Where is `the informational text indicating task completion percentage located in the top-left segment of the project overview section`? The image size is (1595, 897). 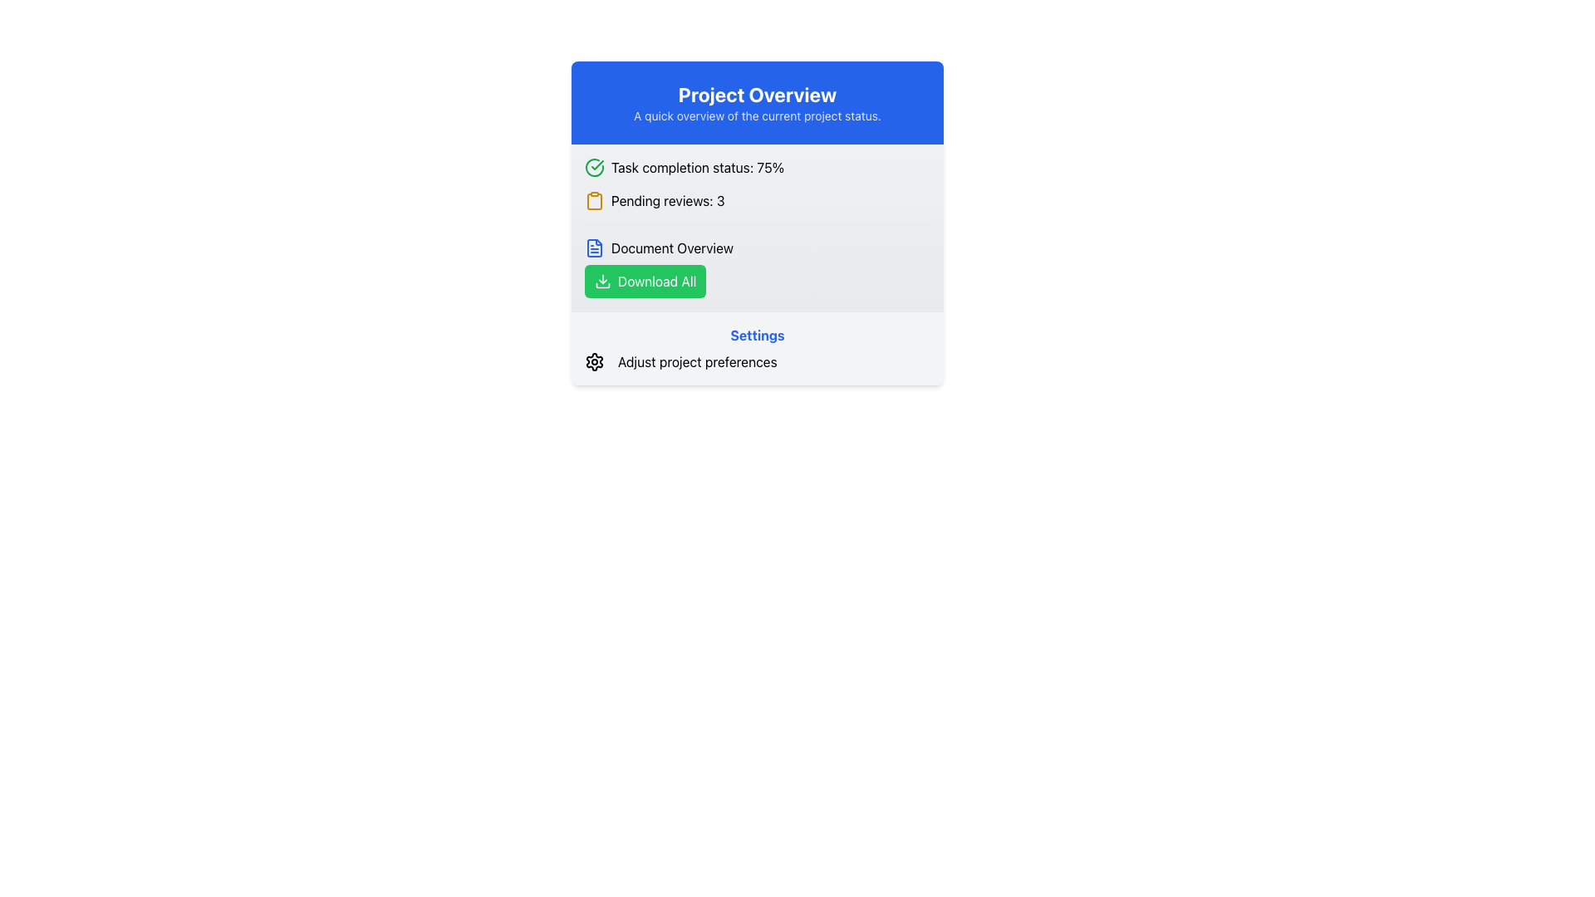
the informational text indicating task completion percentage located in the top-left segment of the project overview section is located at coordinates (757, 167).